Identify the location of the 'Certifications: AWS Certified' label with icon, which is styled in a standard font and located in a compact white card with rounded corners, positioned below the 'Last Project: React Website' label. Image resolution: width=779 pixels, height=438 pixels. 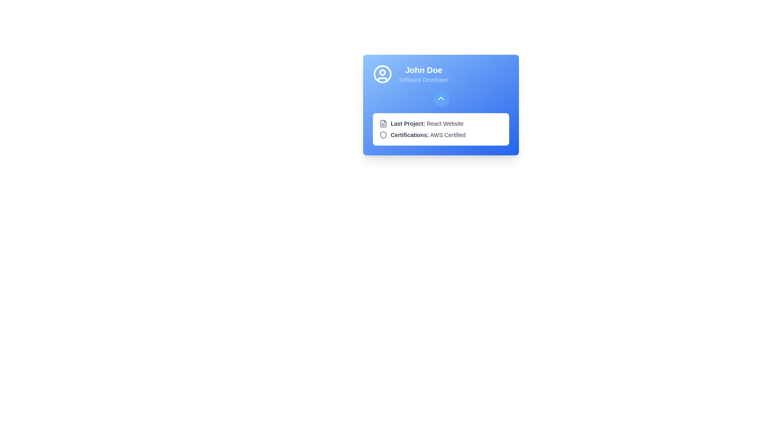
(440, 134).